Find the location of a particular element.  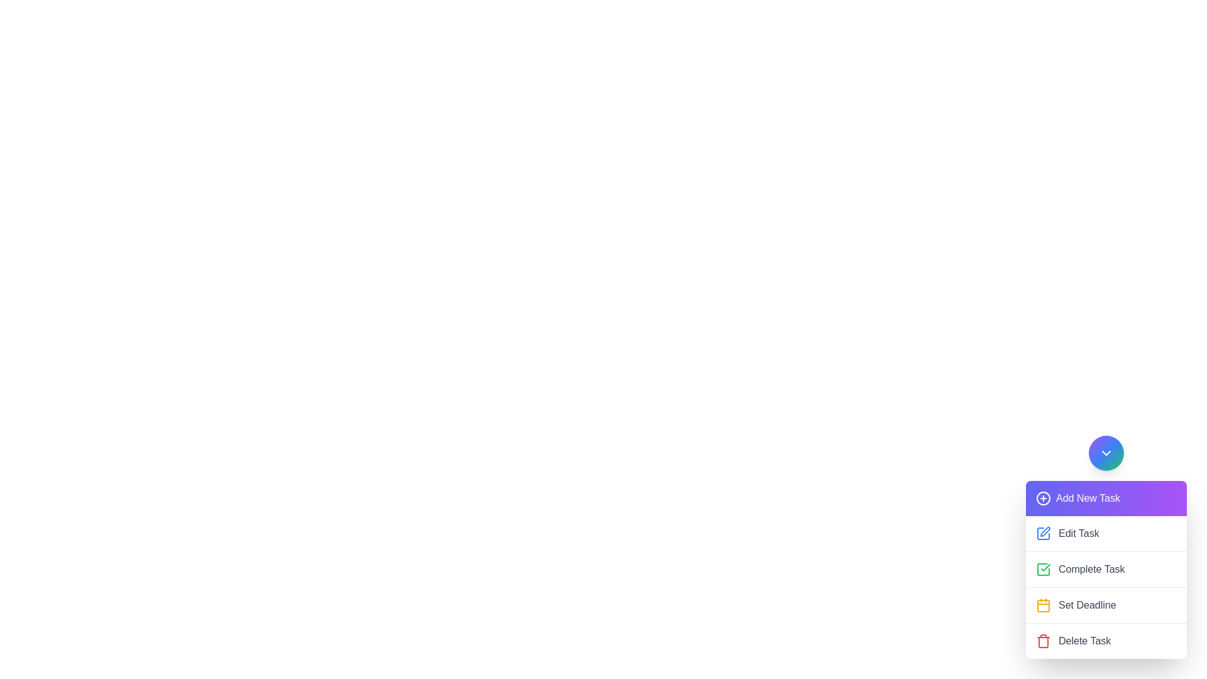

the 'Add New Task' text label, which is styled with white text on a purple-to-indigo gradient background, located to the right of a plus icon in the topmost row of the options menu is located at coordinates (1088, 498).